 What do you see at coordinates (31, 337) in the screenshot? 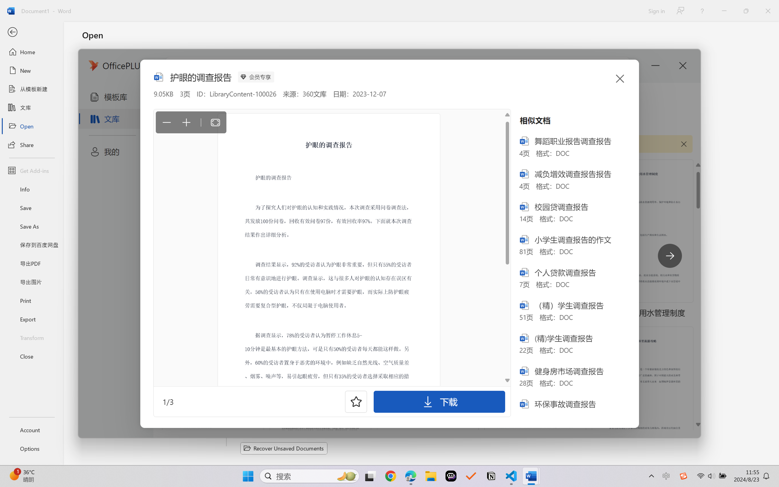
I see `'Transform'` at bounding box center [31, 337].